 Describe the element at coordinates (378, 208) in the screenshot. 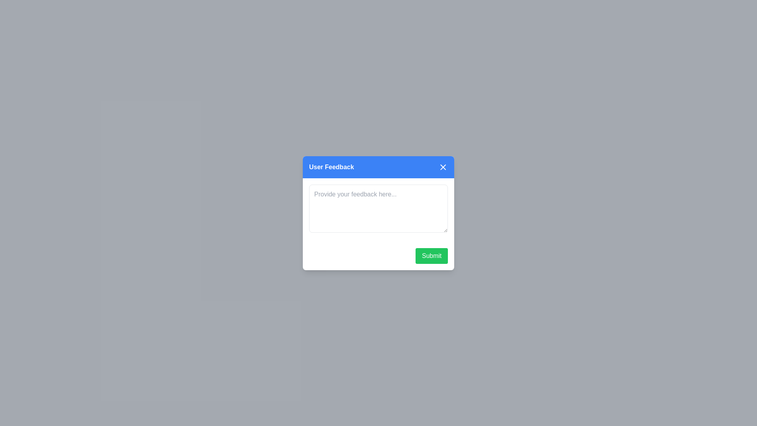

I see `the input box to focus on it` at that location.